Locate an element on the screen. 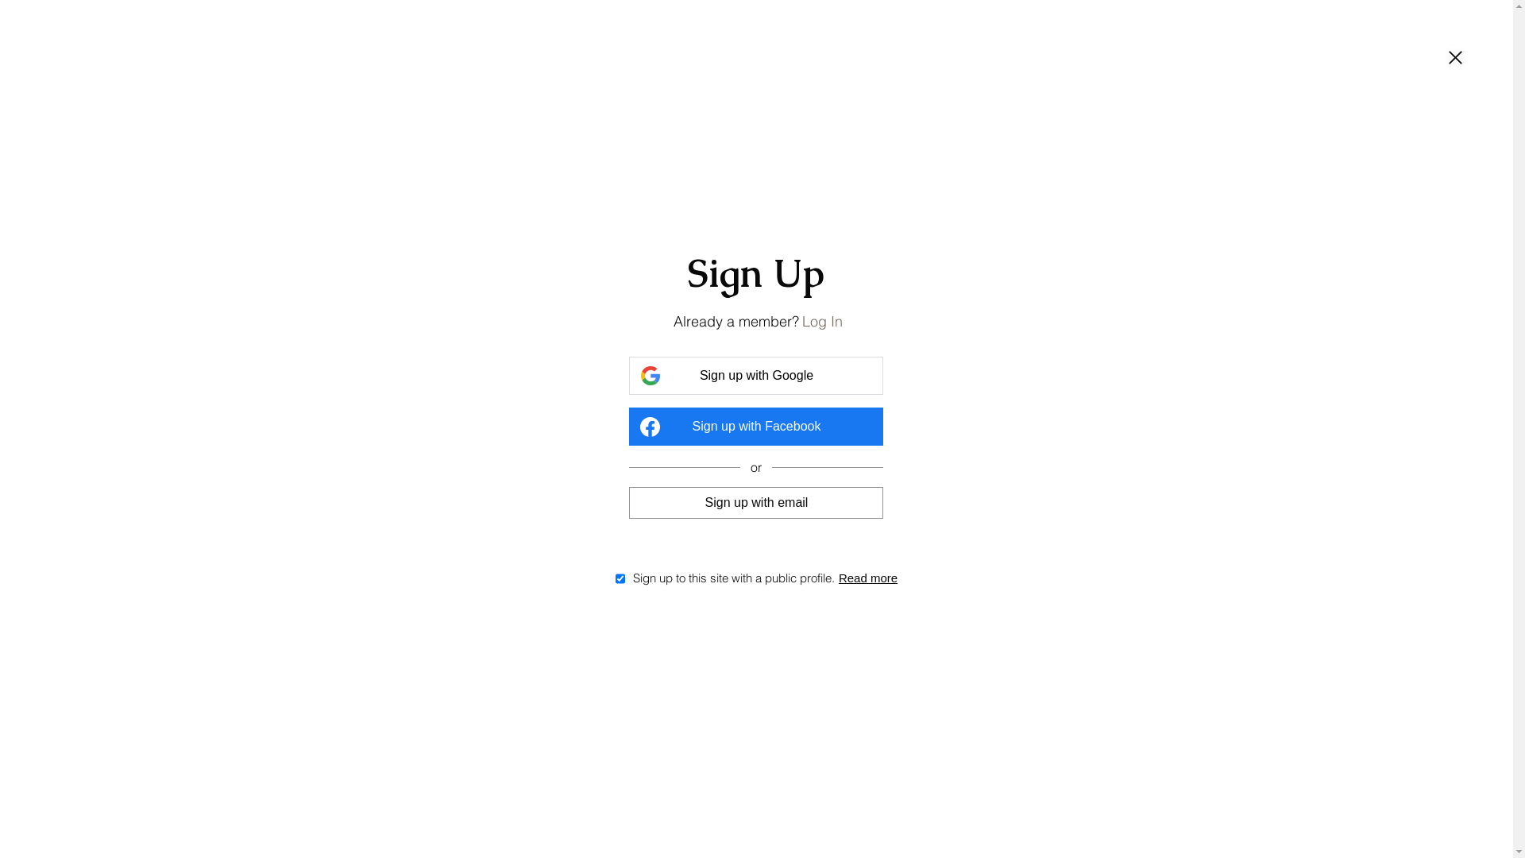 This screenshot has width=1525, height=858. 'Log In' is located at coordinates (822, 321).